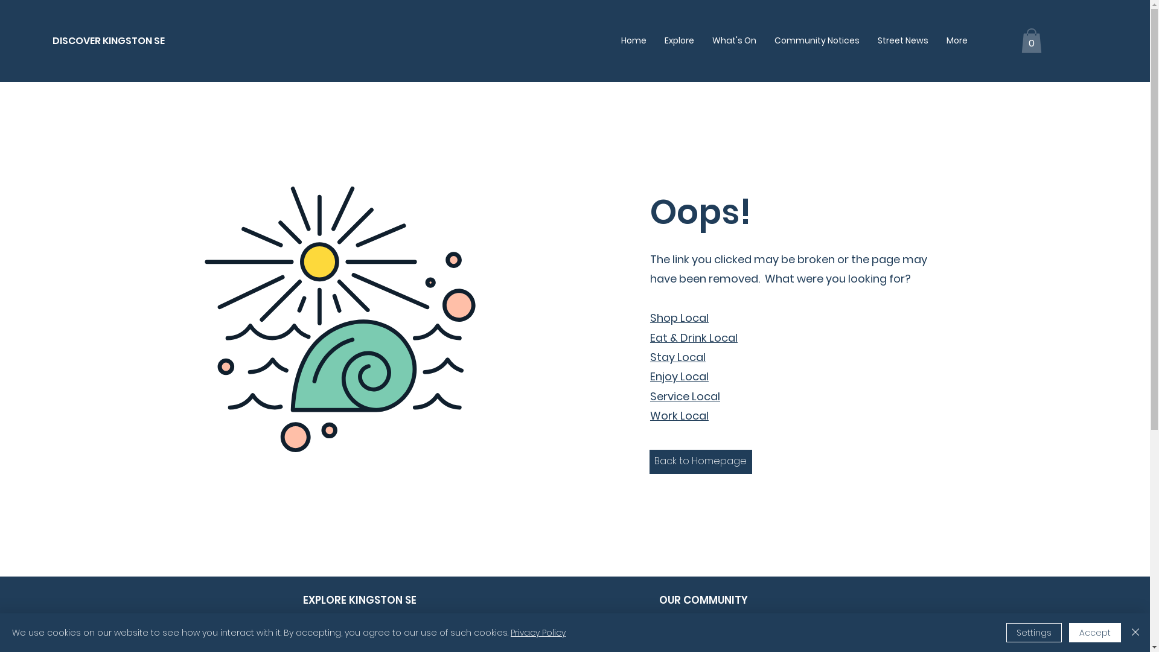 This screenshot has height=652, width=1159. Describe the element at coordinates (1006, 632) in the screenshot. I see `'Settings'` at that location.